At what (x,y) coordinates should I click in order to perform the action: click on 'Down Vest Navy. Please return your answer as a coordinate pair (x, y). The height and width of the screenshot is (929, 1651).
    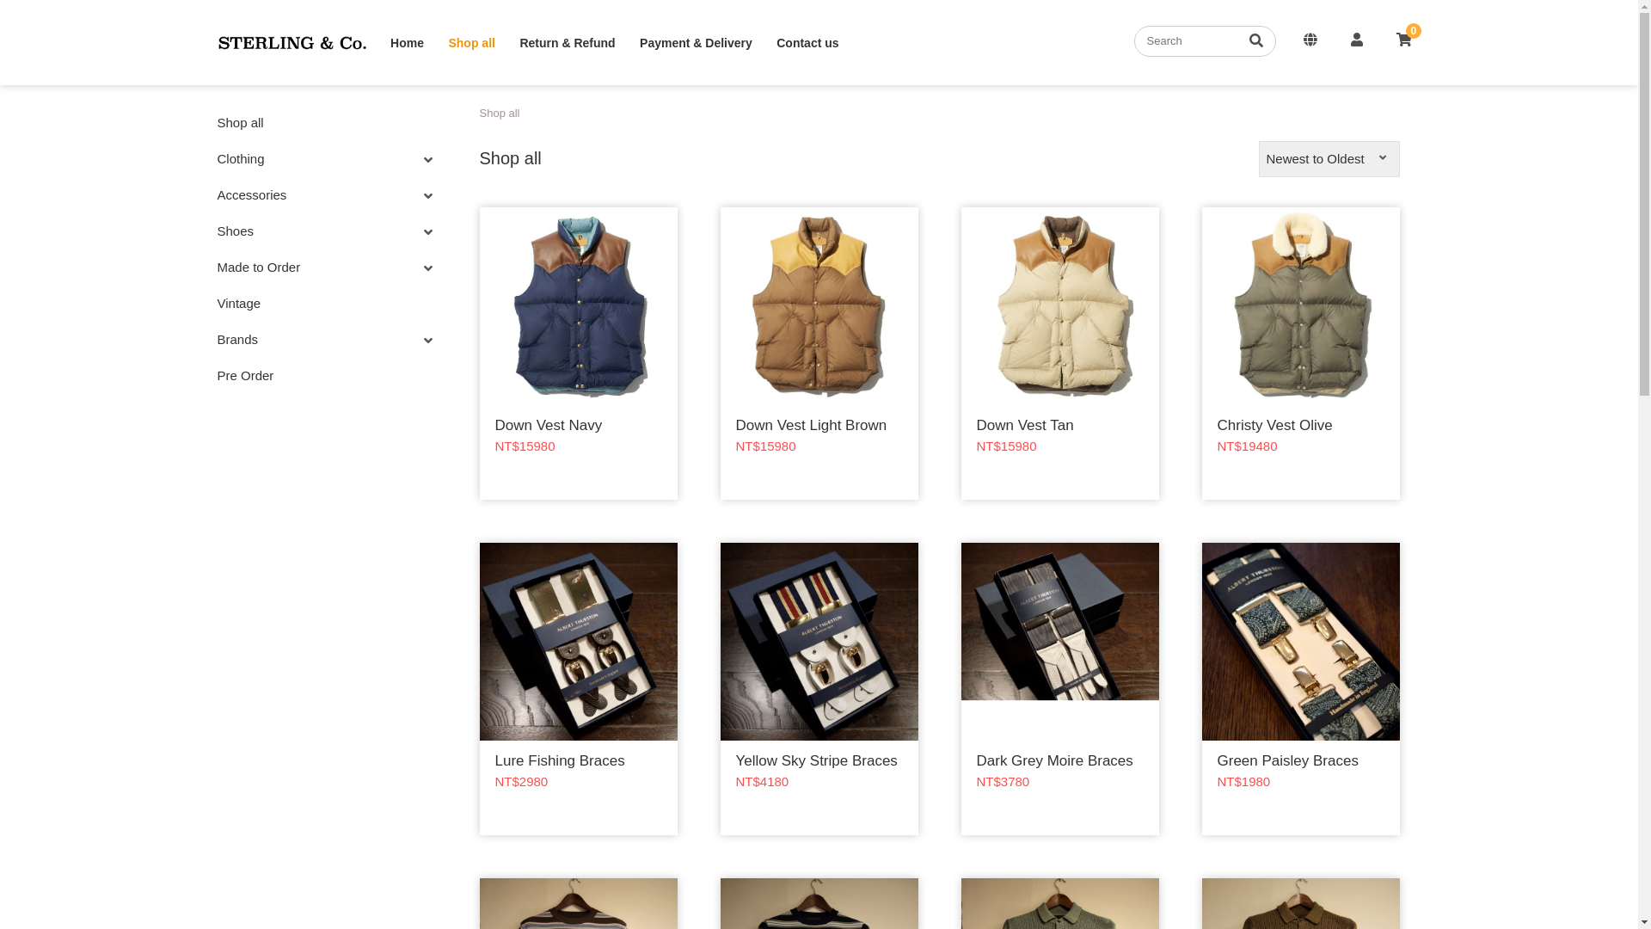
    Looking at the image, I should click on (578, 353).